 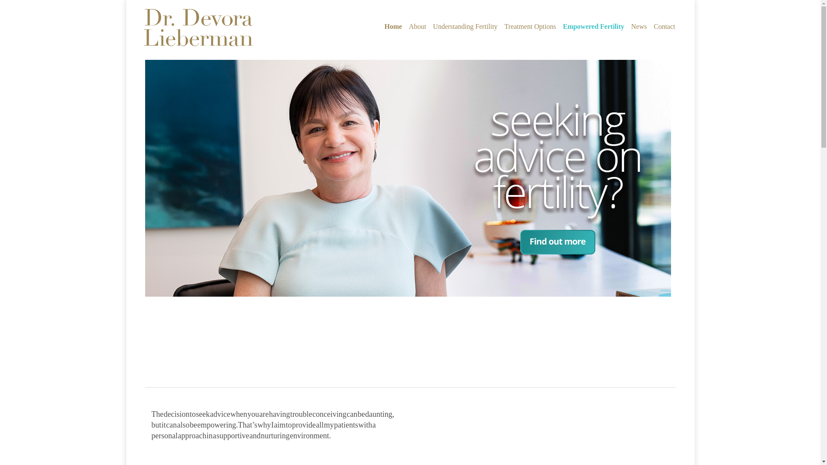 I want to click on 'Understanding Fertility', so click(x=465, y=26).